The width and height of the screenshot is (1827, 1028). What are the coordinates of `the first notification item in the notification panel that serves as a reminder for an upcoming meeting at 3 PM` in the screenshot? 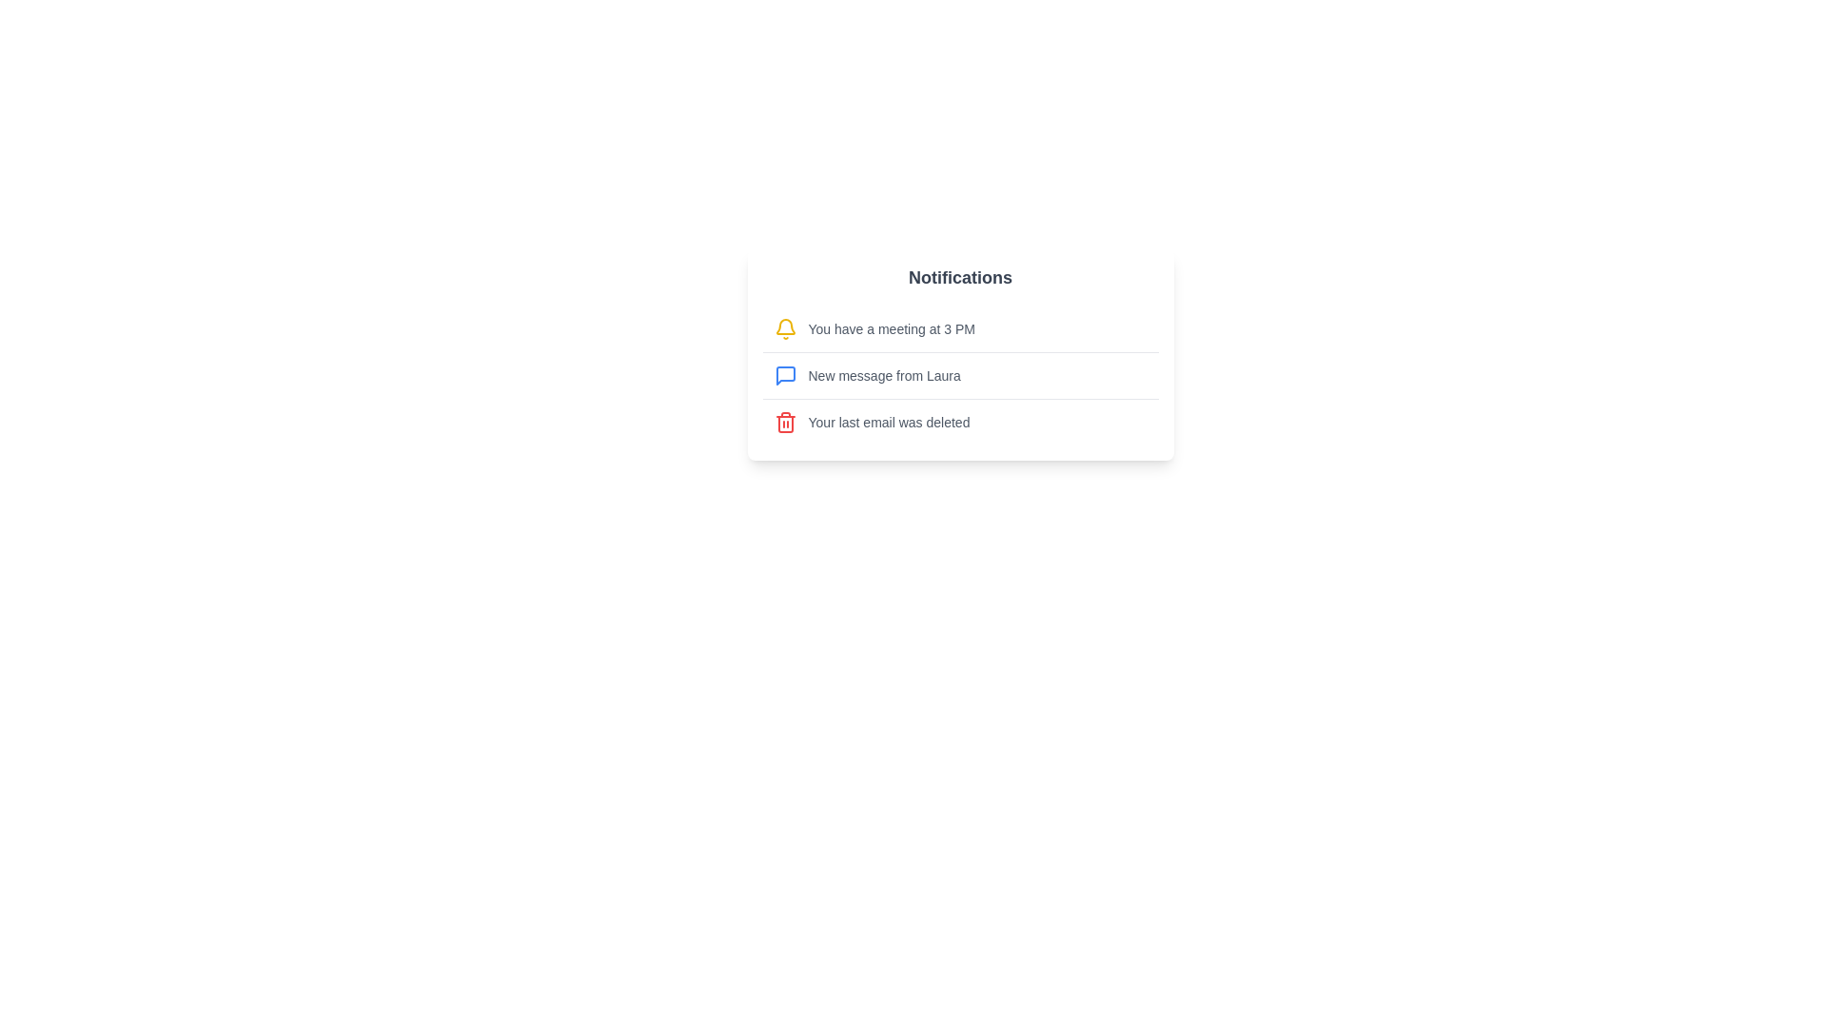 It's located at (960, 328).